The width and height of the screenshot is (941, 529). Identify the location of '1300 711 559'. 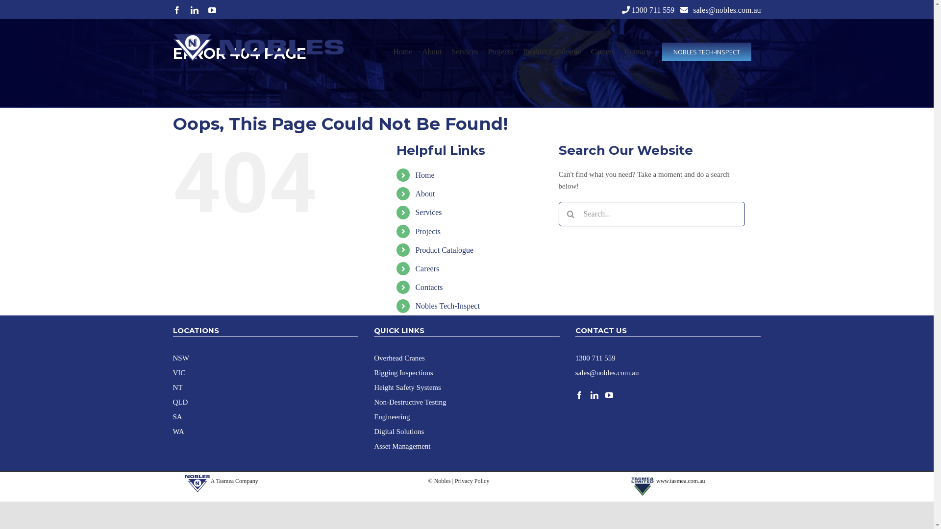
(653, 10).